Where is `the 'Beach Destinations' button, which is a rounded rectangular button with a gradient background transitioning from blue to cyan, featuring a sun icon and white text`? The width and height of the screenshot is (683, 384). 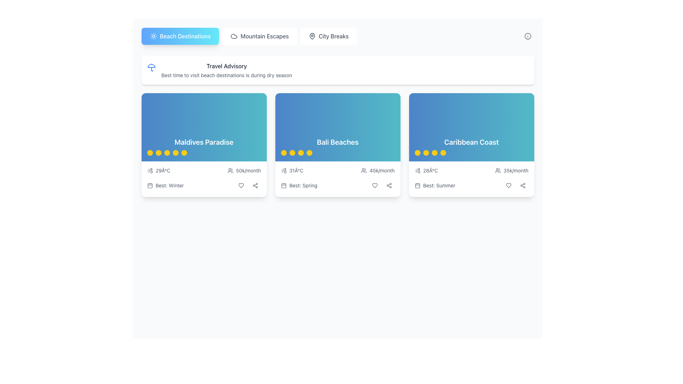 the 'Beach Destinations' button, which is a rounded rectangular button with a gradient background transitioning from blue to cyan, featuring a sun icon and white text is located at coordinates (180, 36).